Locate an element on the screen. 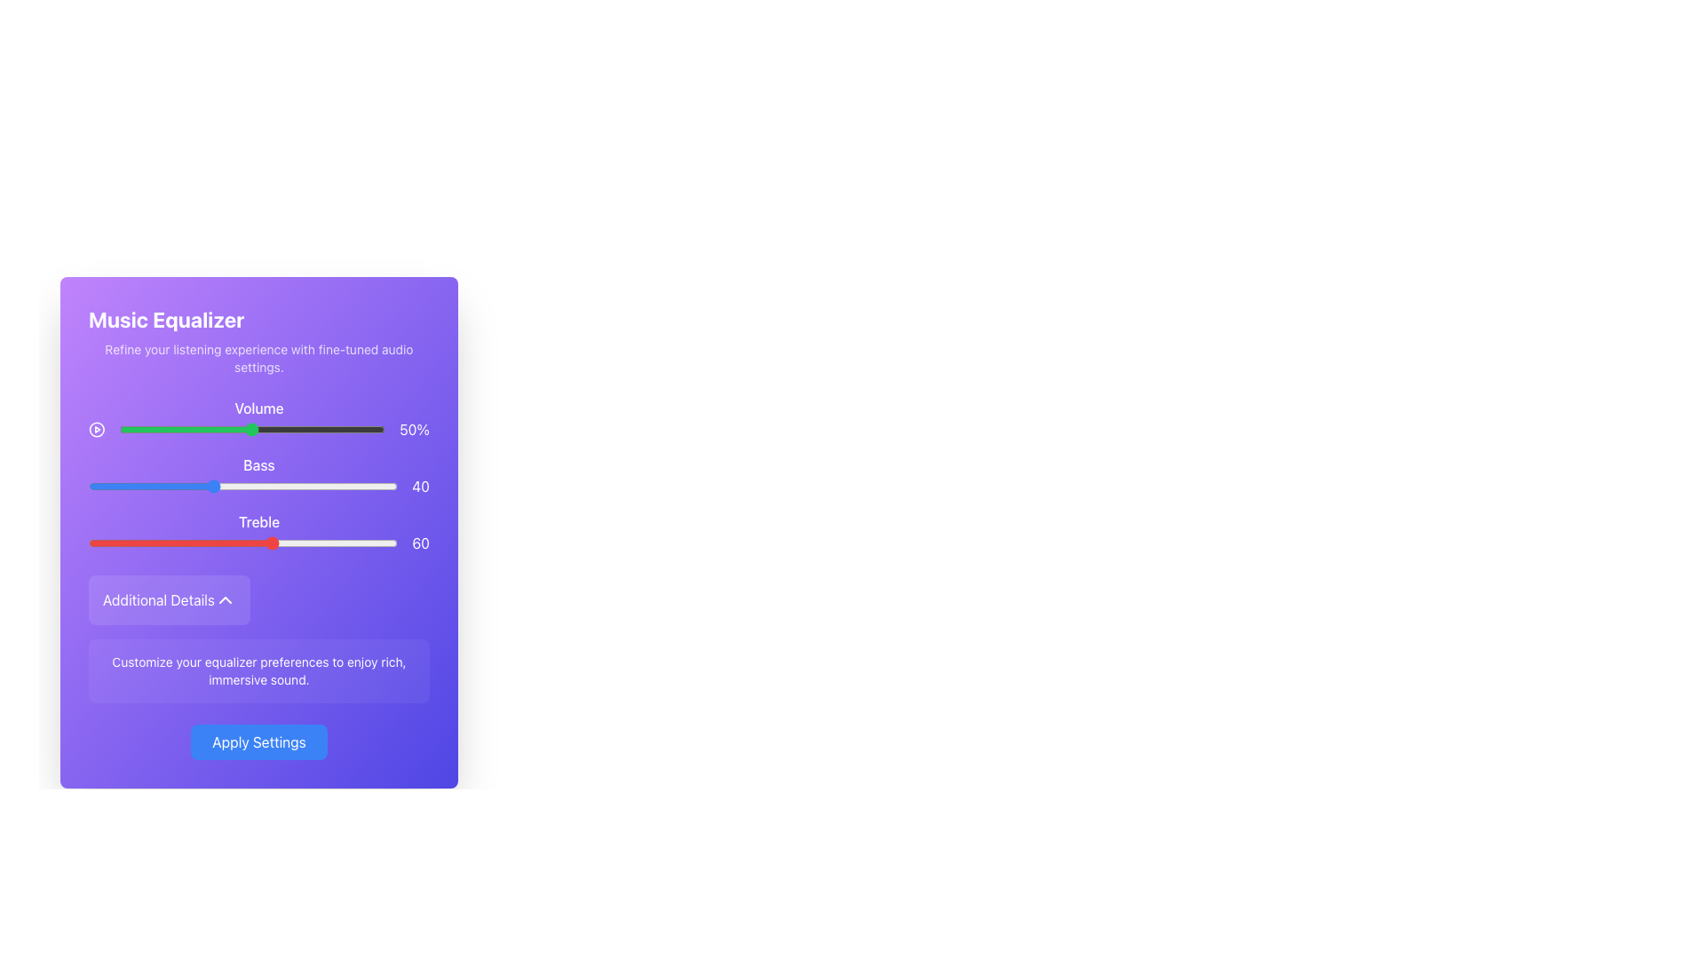  the Text Label that provides descriptive information about the audio settings, located below the 'Music Equalizer' title and centered within the purple gradient card is located at coordinates (258, 359).